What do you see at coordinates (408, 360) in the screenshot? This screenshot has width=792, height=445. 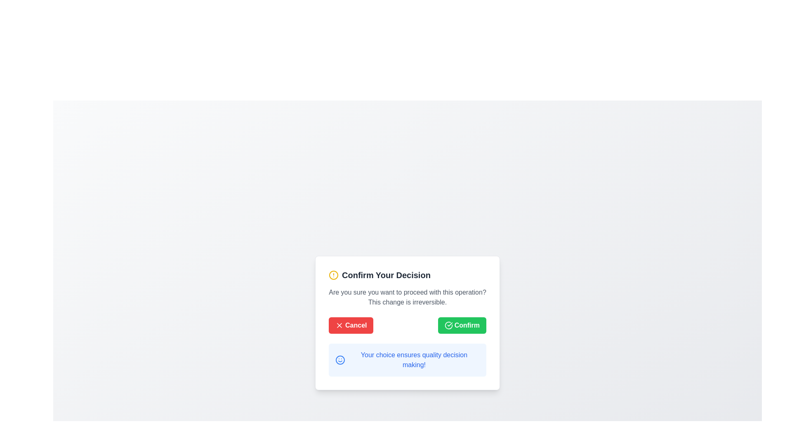 I see `text displayed in the light blue box containing the sentence 'Your choice ensures quality decision making!' located below the 'Cancel' and 'Confirm' buttons` at bounding box center [408, 360].